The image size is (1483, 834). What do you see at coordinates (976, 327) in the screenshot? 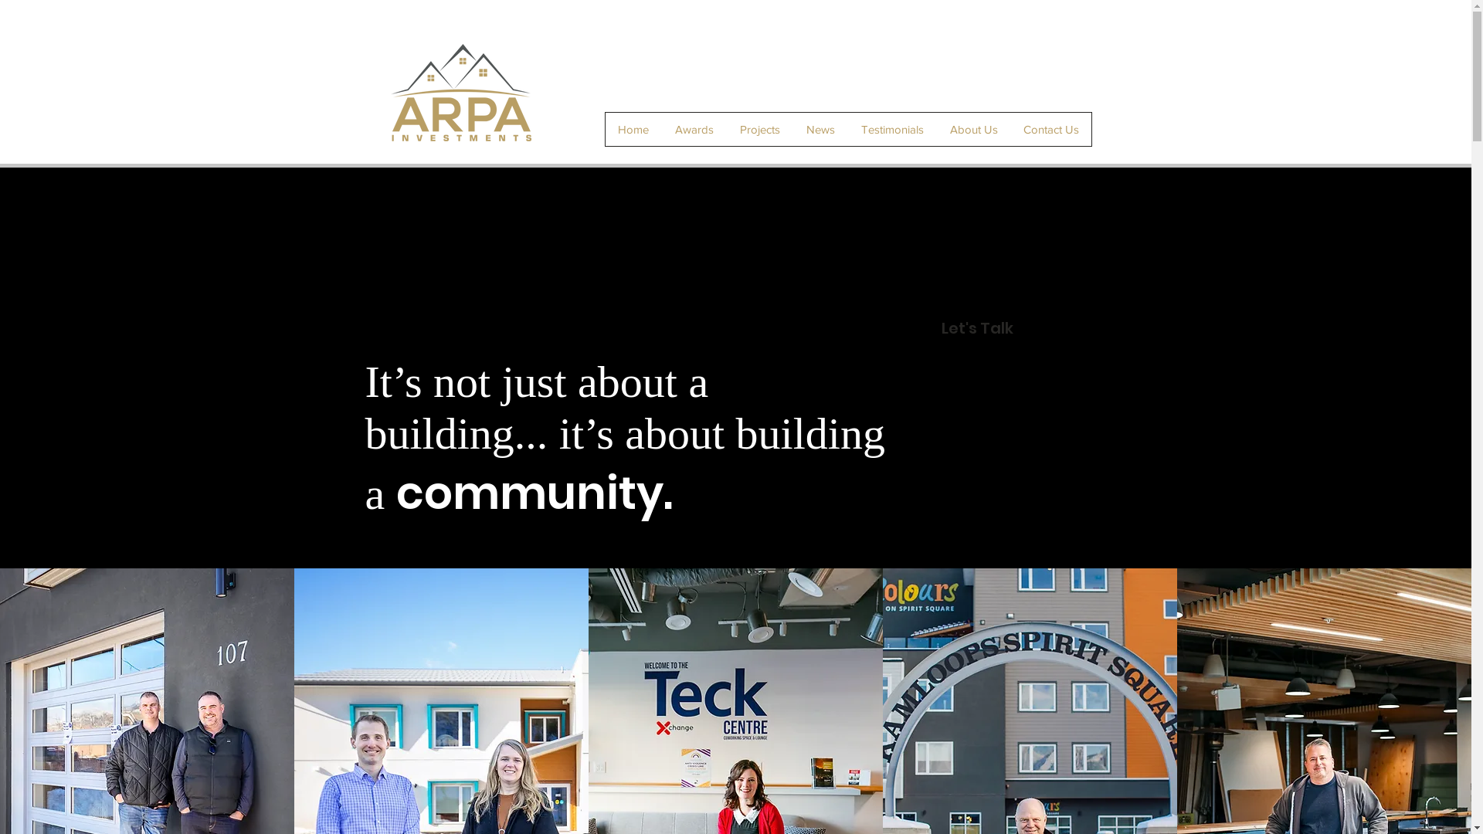
I see `'Let's Talk'` at bounding box center [976, 327].